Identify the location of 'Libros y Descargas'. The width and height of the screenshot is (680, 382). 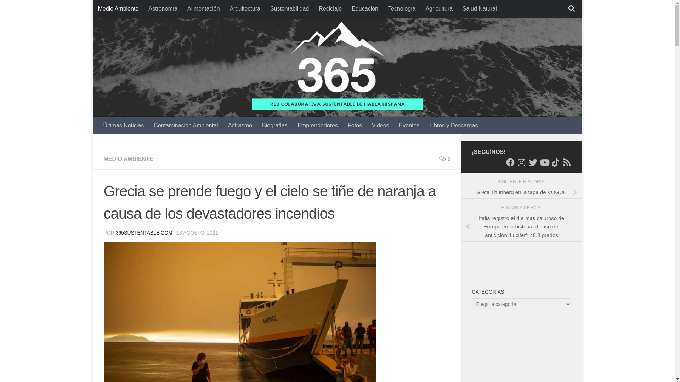
(453, 125).